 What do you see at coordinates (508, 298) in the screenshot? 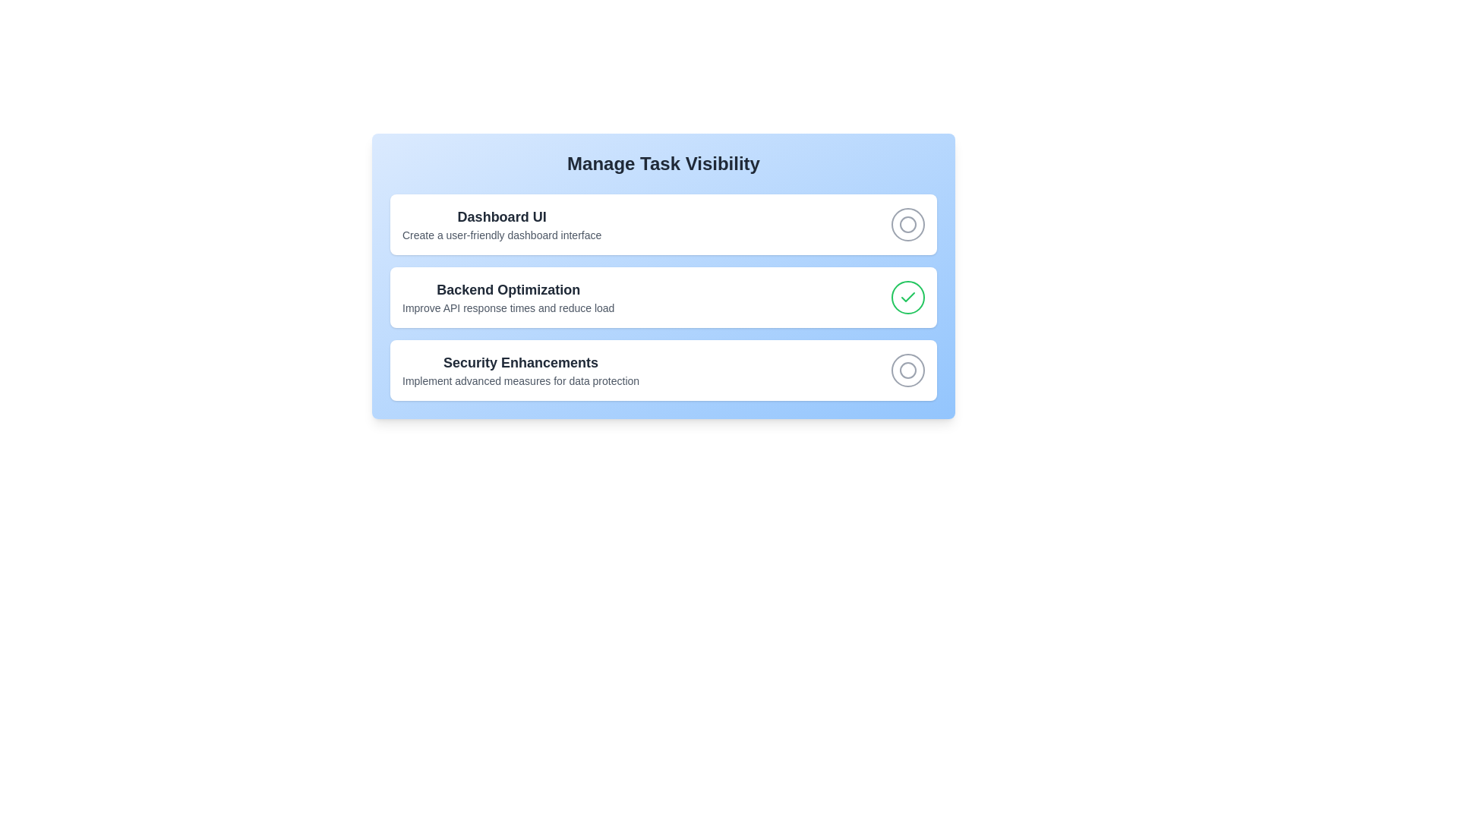
I see `the 'Backend Optimization' text block, which features a bold header and a descriptive line below it, to interact with its content` at bounding box center [508, 298].